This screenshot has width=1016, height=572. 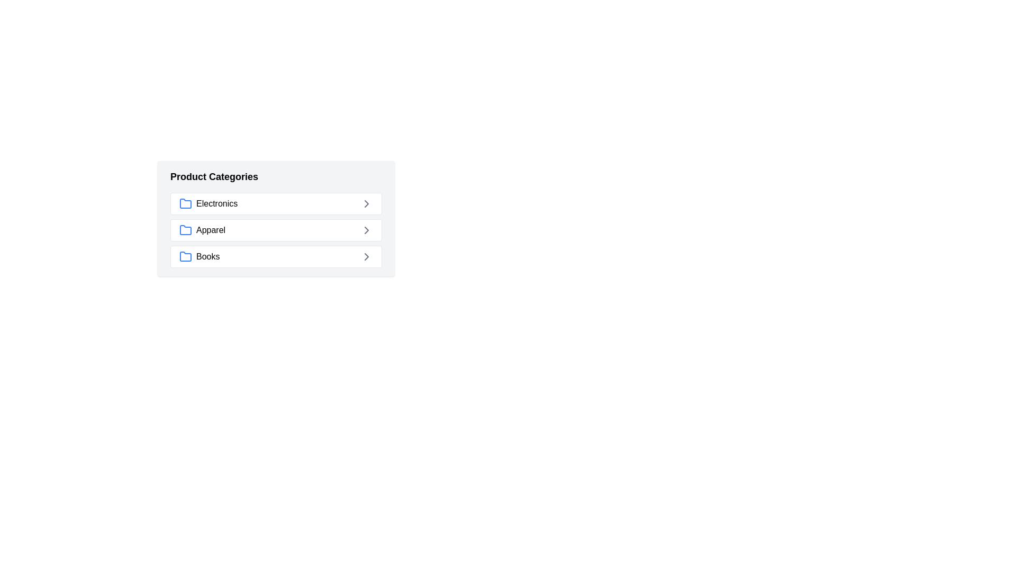 What do you see at coordinates (366, 257) in the screenshot?
I see `the right-pointing chevron icon for the 'Books' category in the 'Product Categories' list, which is a simplistic design with a text-gray-500 color, located centrally within the row labeled 'Books'` at bounding box center [366, 257].